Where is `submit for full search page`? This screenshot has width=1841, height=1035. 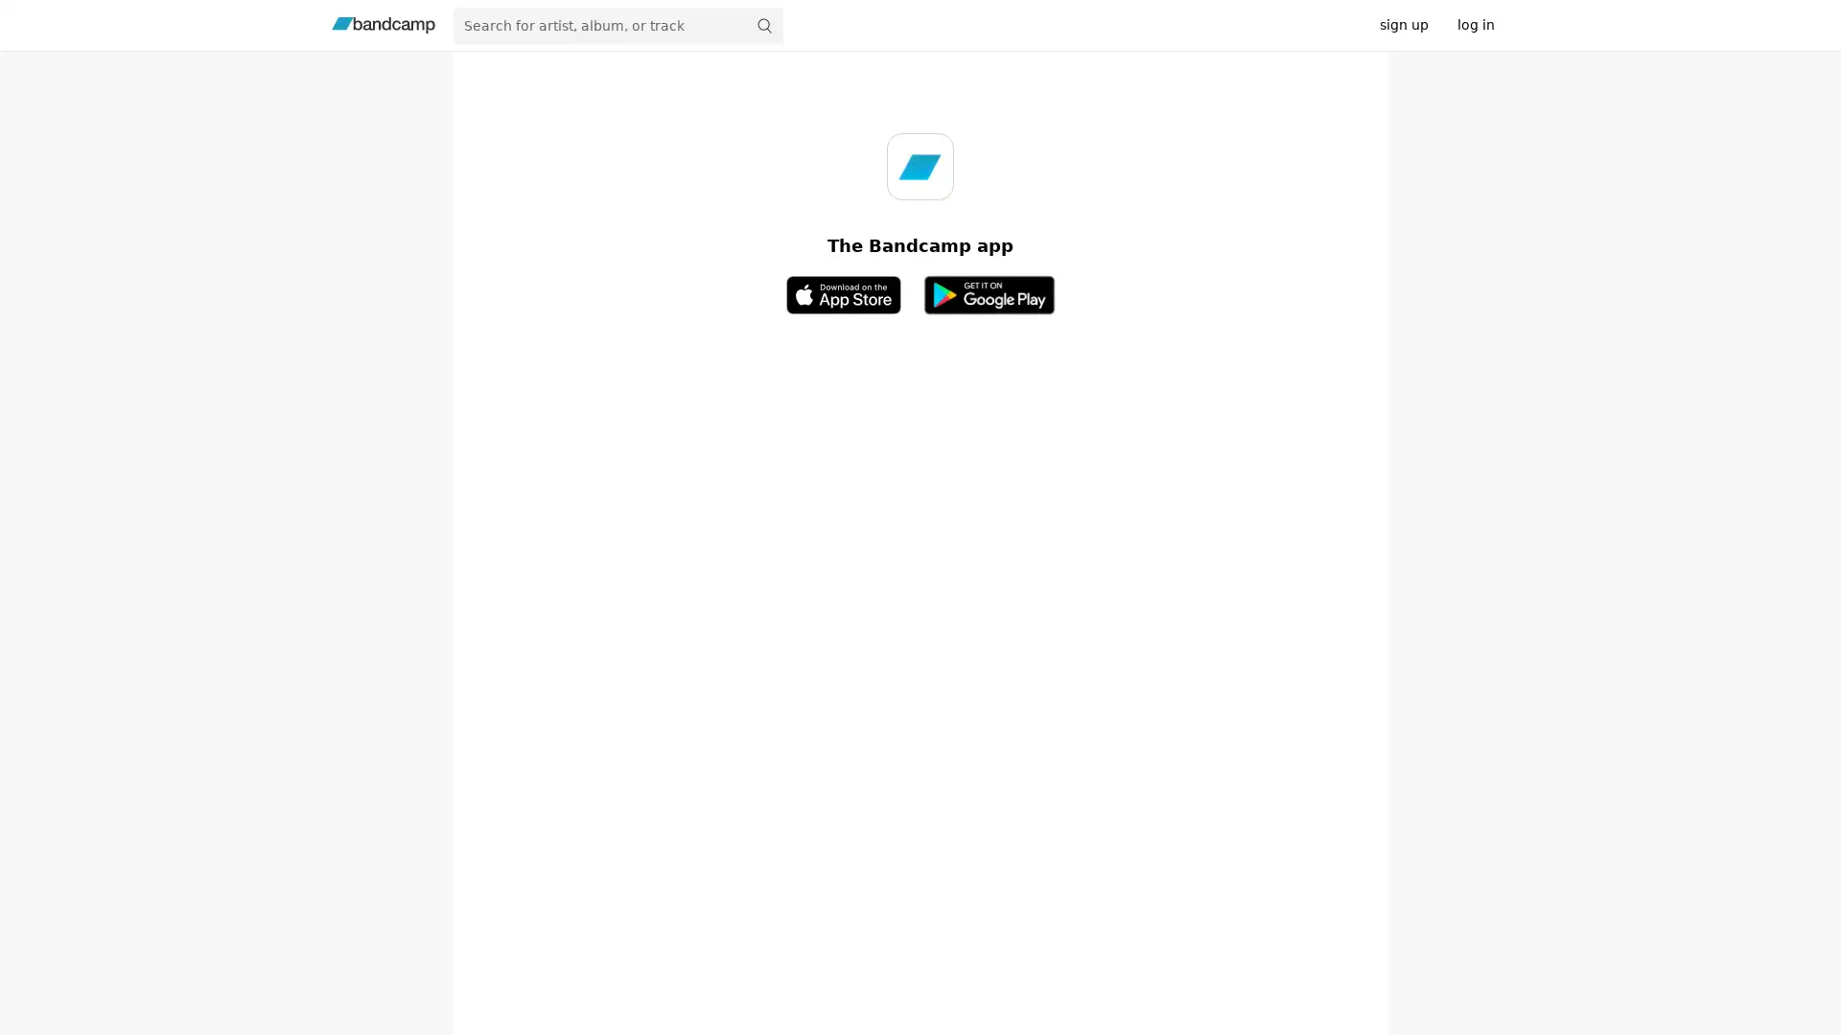
submit for full search page is located at coordinates (762, 25).